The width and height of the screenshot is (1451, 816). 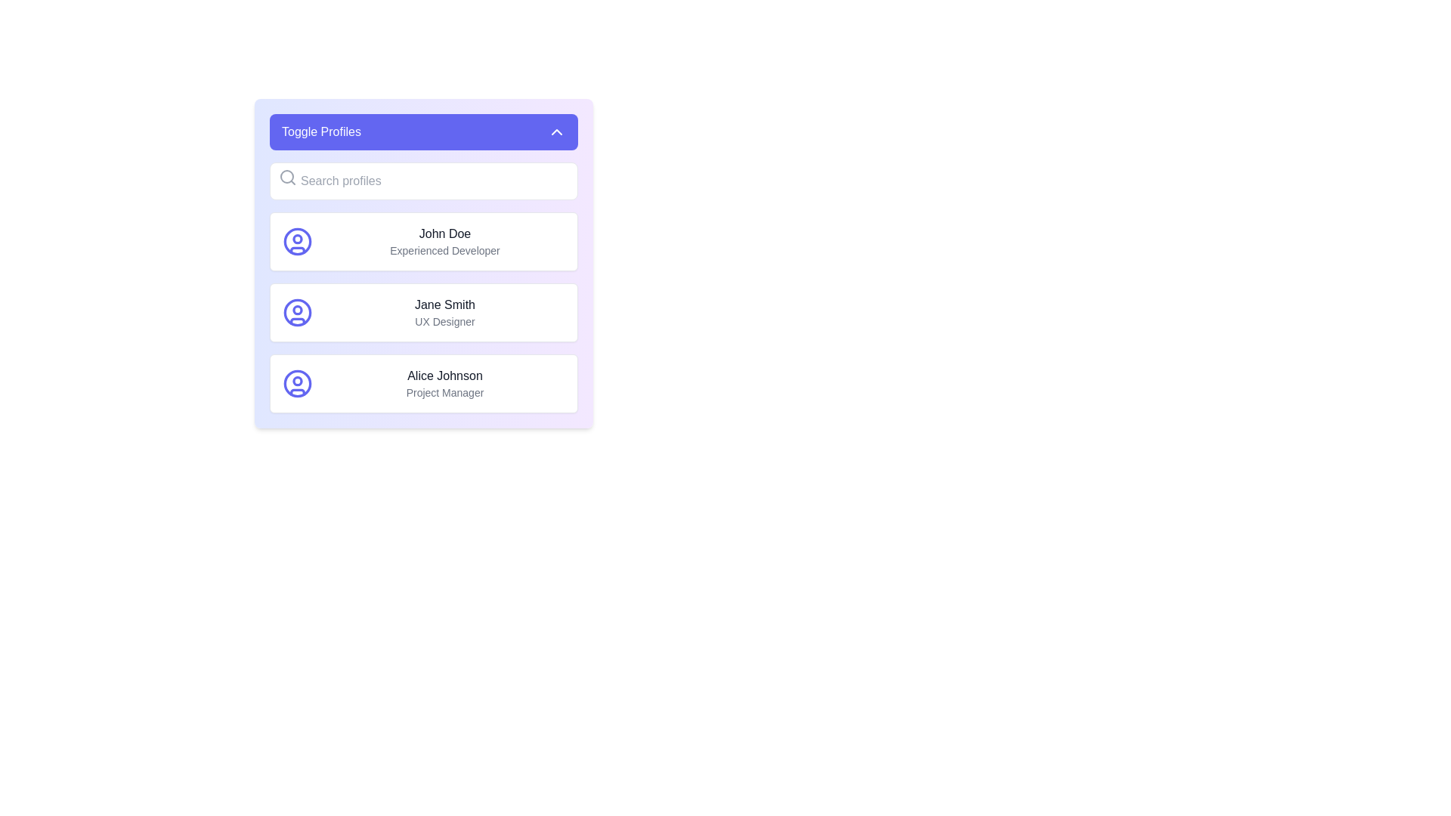 What do you see at coordinates (297, 383) in the screenshot?
I see `the circular icon representing user 'Alice Johnson' in the third row of the profile list` at bounding box center [297, 383].